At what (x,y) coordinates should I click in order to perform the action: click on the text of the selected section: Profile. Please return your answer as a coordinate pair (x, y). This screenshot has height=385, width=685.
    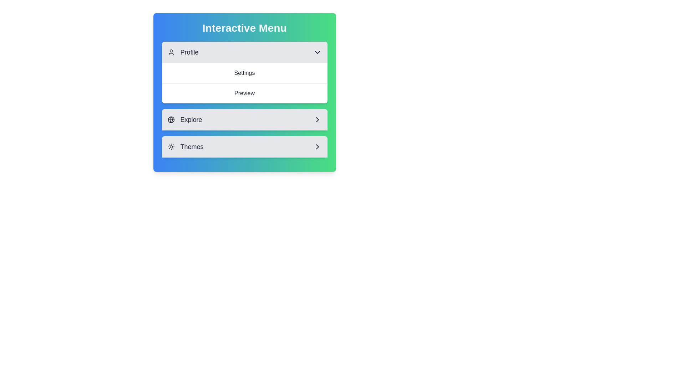
    Looking at the image, I should click on (244, 52).